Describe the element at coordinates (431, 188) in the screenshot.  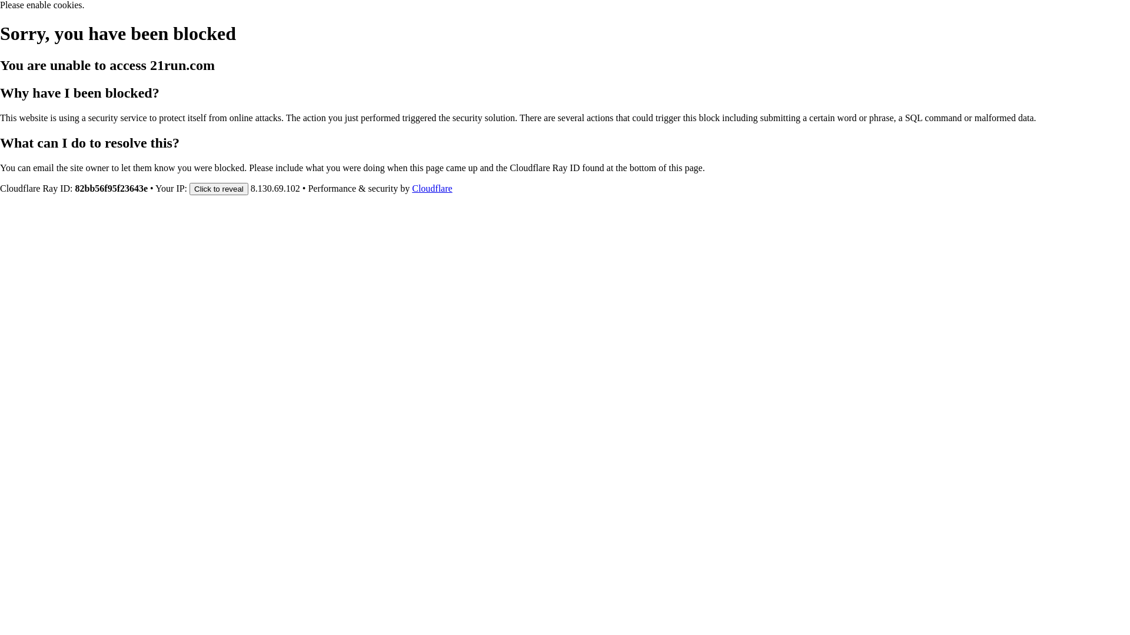
I see `'Cloudflare'` at that location.